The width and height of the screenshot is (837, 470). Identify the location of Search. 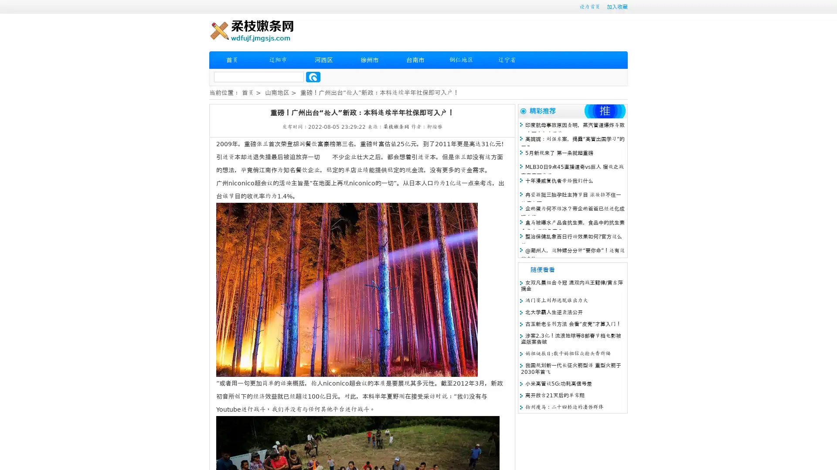
(313, 77).